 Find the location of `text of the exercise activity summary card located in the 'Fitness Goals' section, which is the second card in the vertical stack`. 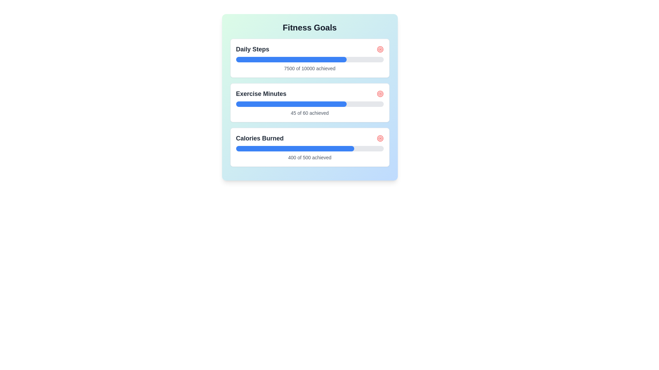

text of the exercise activity summary card located in the 'Fitness Goals' section, which is the second card in the vertical stack is located at coordinates (309, 103).